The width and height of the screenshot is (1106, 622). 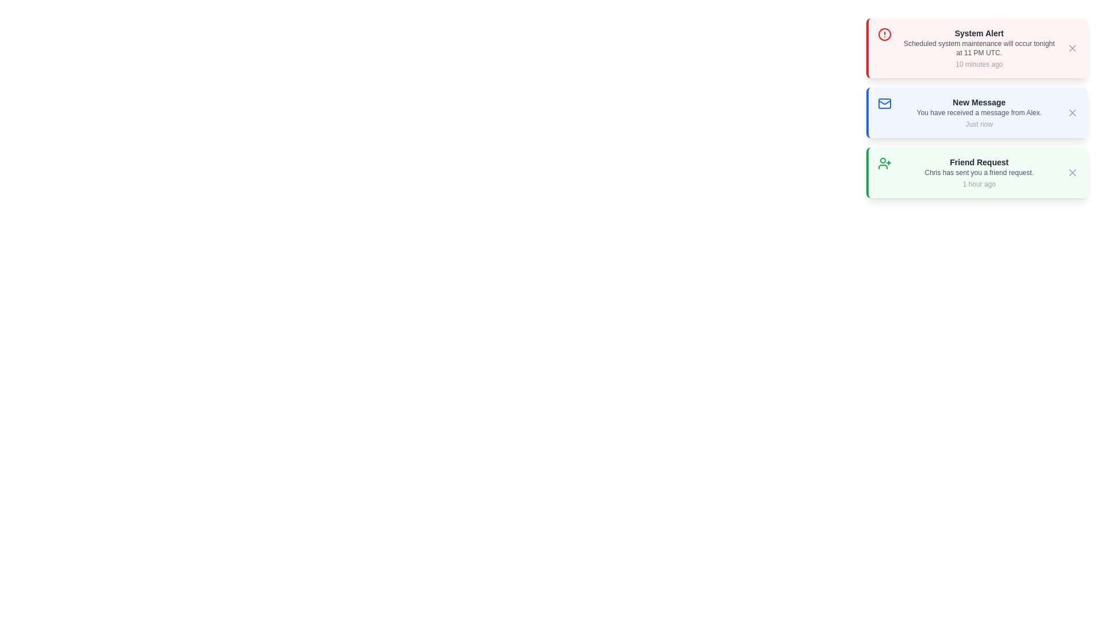 What do you see at coordinates (1072, 113) in the screenshot?
I see `the dismiss button represented by an 'X' on the right side of the 'New Message' notification` at bounding box center [1072, 113].